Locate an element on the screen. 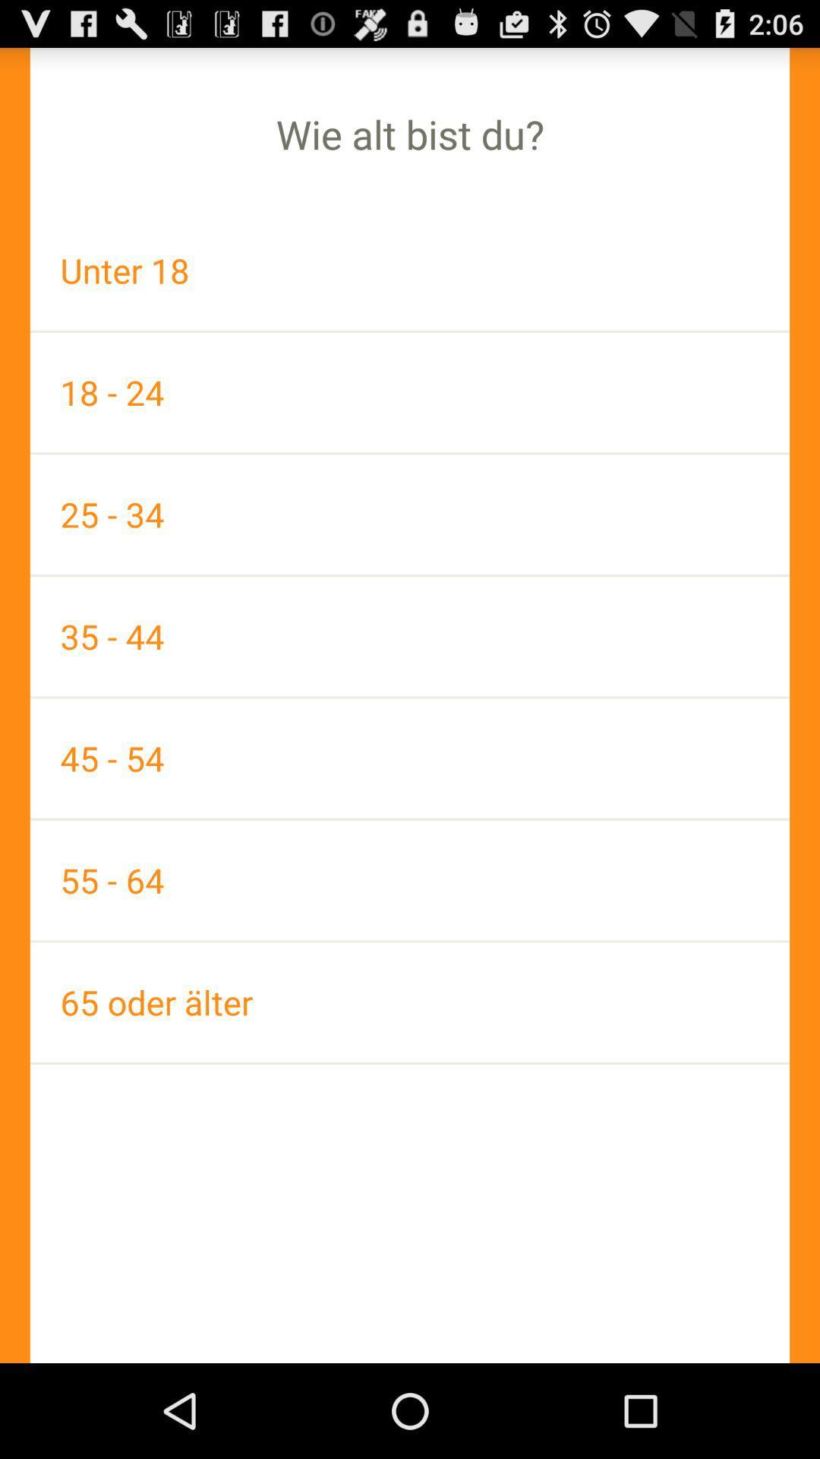 This screenshot has height=1459, width=820. 55 - 64 is located at coordinates (410, 880).